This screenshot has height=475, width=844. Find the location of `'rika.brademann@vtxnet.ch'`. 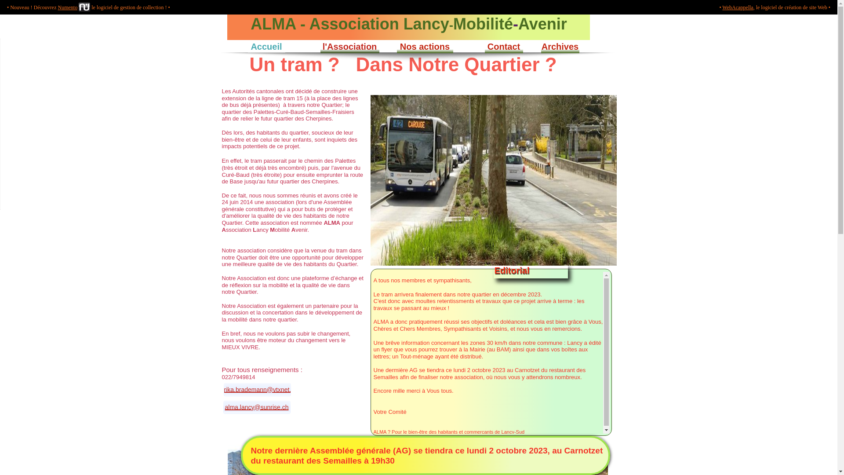

'rika.brademann@vtxnet.ch' is located at coordinates (223, 389).